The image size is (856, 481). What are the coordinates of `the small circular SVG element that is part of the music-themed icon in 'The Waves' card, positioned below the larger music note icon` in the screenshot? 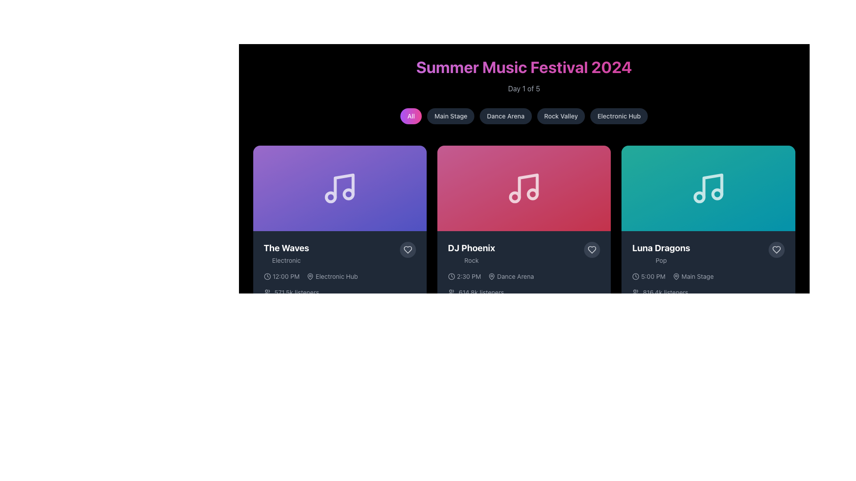 It's located at (330, 197).